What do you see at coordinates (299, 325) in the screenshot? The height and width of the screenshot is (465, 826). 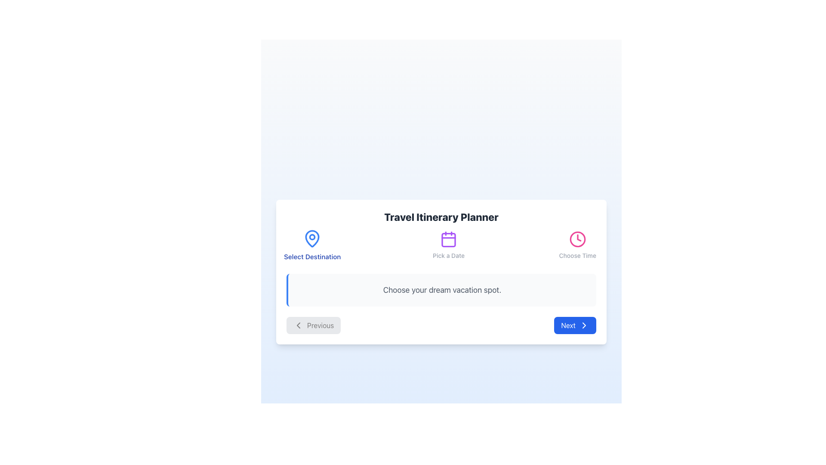 I see `the leftward-pointing arrow icon within the 'Previous' button` at bounding box center [299, 325].